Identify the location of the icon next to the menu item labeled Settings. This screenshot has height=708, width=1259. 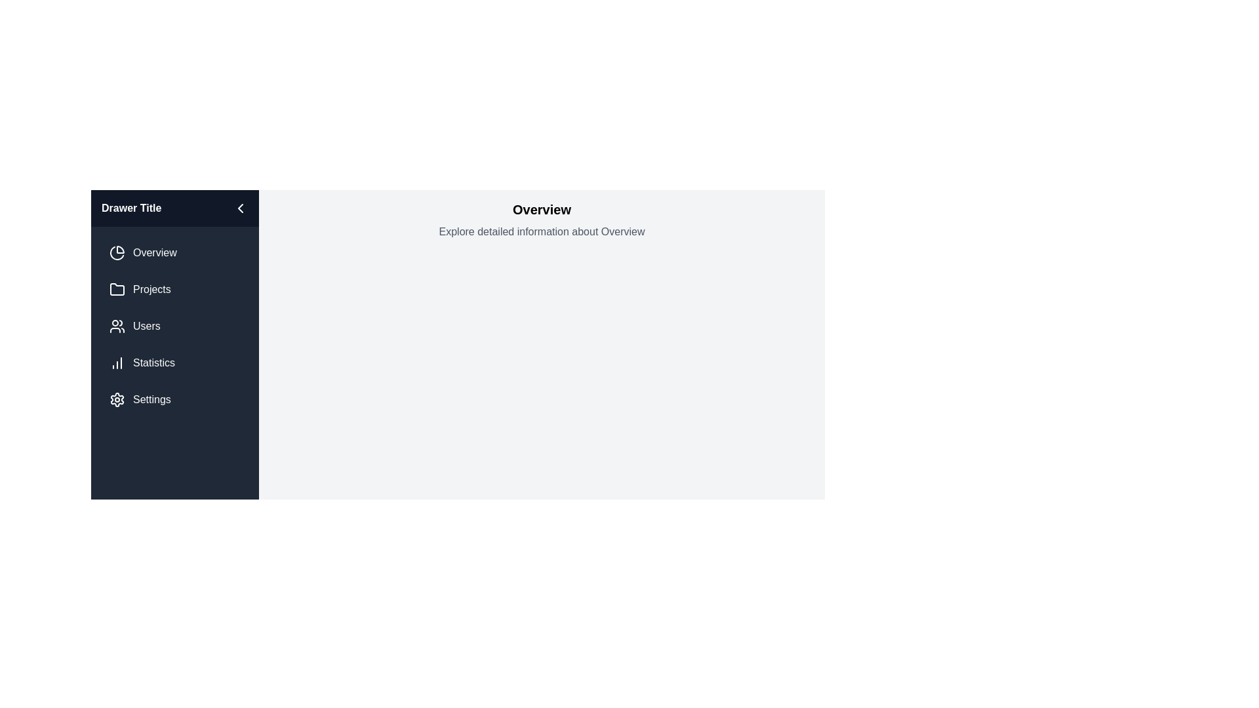
(117, 399).